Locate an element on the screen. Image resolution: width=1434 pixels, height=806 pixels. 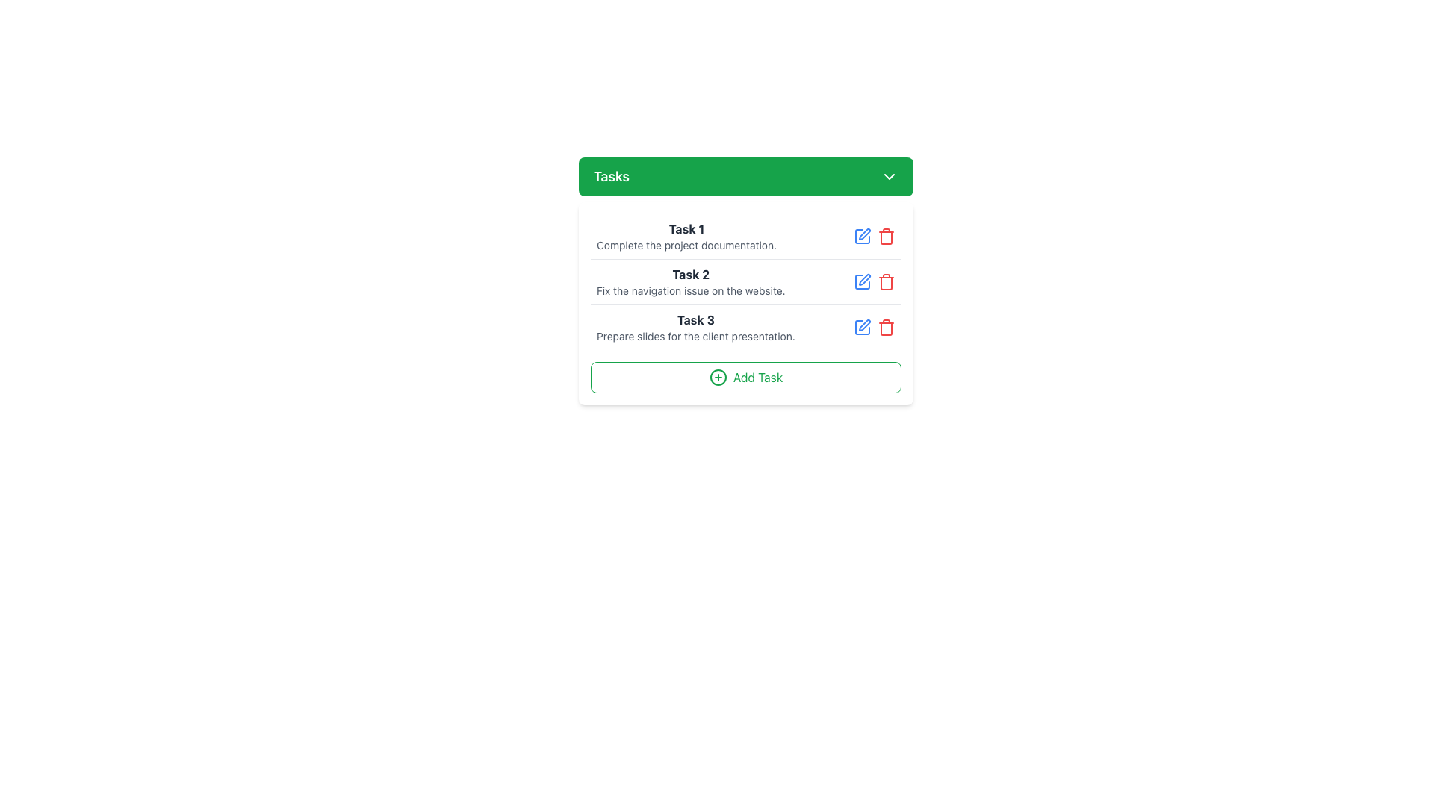
the square outline icon located to the right of the 'Task 1' heading in the task list is located at coordinates (863, 235).